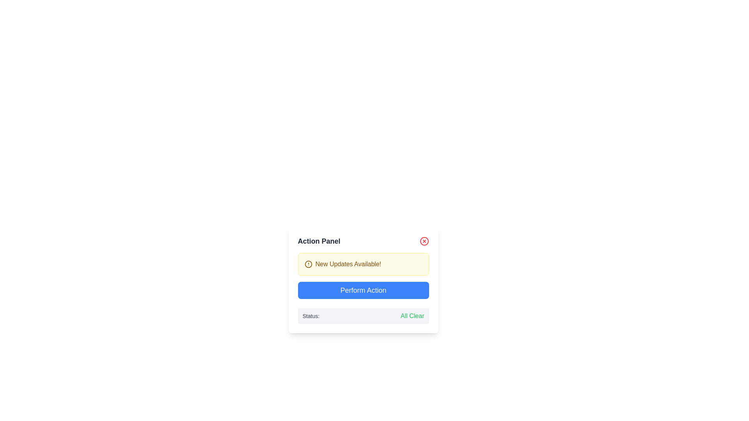 This screenshot has height=421, width=749. Describe the element at coordinates (424, 241) in the screenshot. I see `the center of the circle which is part of the close button (X icon) located at the top-right corner of the 'Action Panel'` at that location.